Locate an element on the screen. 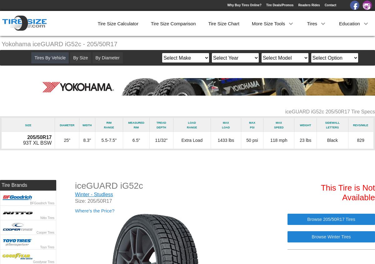 The width and height of the screenshot is (375, 264). 'Goodyear Tires' is located at coordinates (43, 262).